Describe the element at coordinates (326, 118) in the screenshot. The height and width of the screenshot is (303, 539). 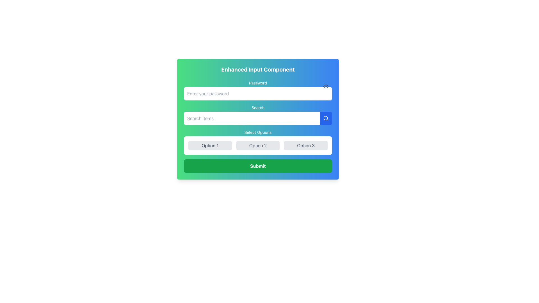
I see `the blue icon button with a magnifying glass icon to initiate the search action` at that location.